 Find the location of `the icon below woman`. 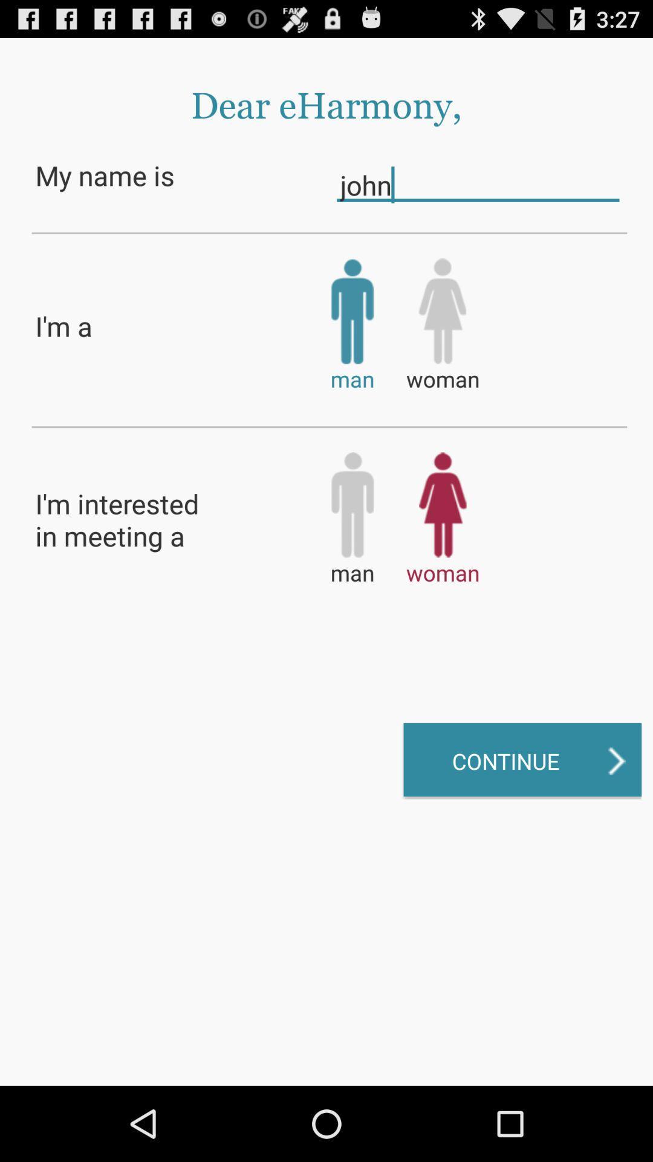

the icon below woman is located at coordinates (522, 760).